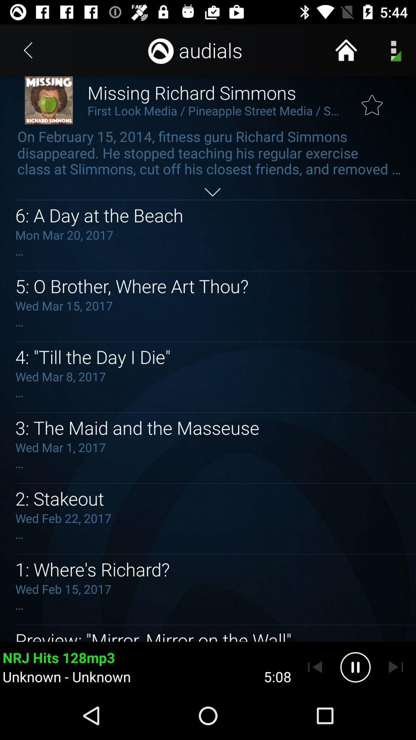 Image resolution: width=416 pixels, height=740 pixels. I want to click on see more, so click(212, 192).